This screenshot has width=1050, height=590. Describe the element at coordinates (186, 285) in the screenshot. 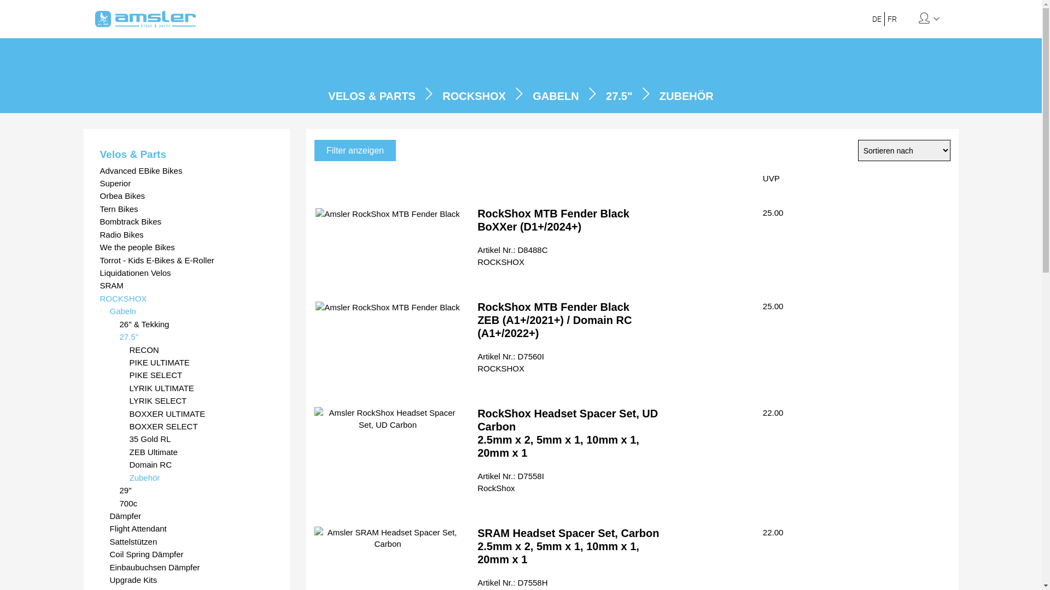

I see `'SRAM'` at that location.